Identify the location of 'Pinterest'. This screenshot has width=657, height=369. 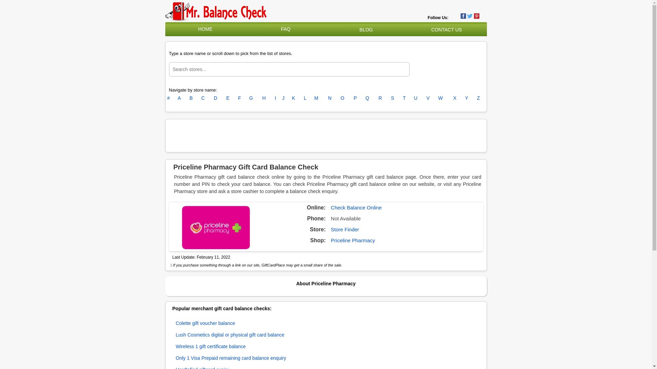
(476, 15).